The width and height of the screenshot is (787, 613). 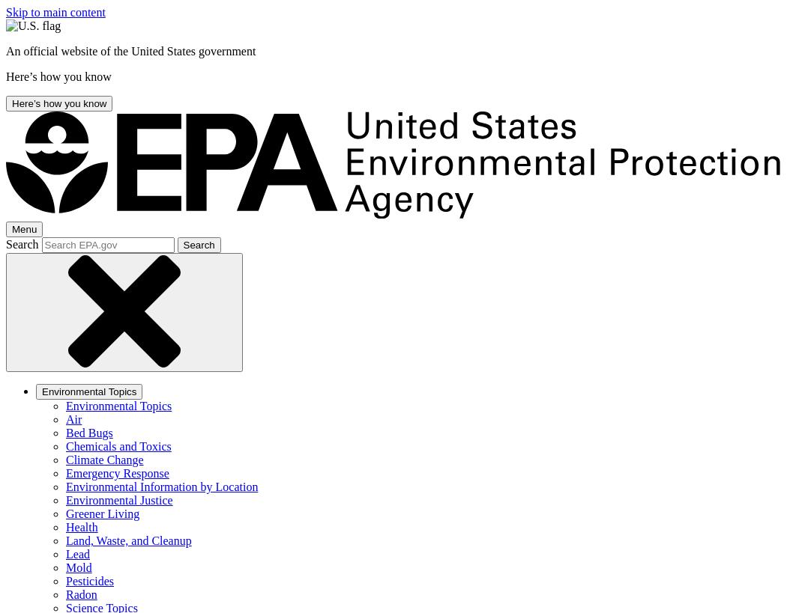 What do you see at coordinates (81, 526) in the screenshot?
I see `'Health'` at bounding box center [81, 526].